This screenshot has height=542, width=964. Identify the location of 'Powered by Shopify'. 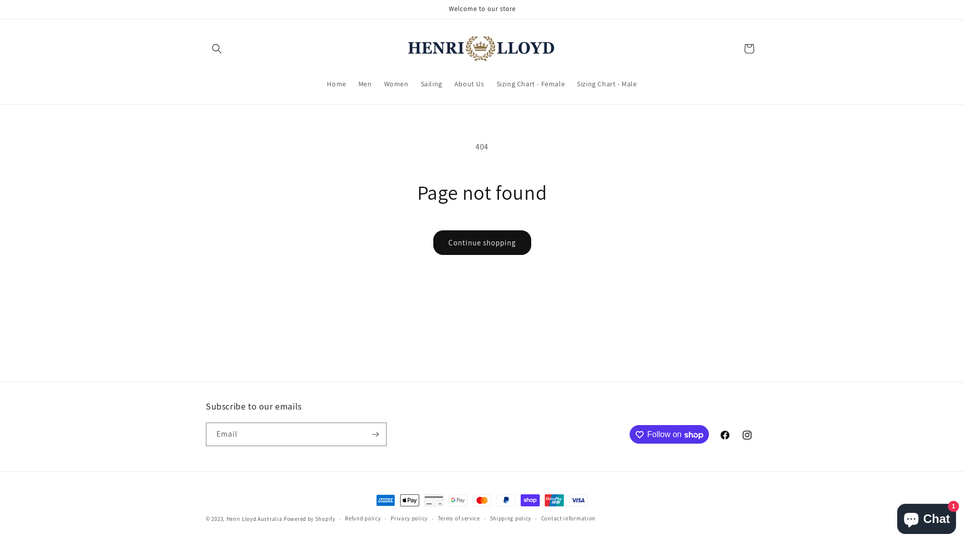
(283, 518).